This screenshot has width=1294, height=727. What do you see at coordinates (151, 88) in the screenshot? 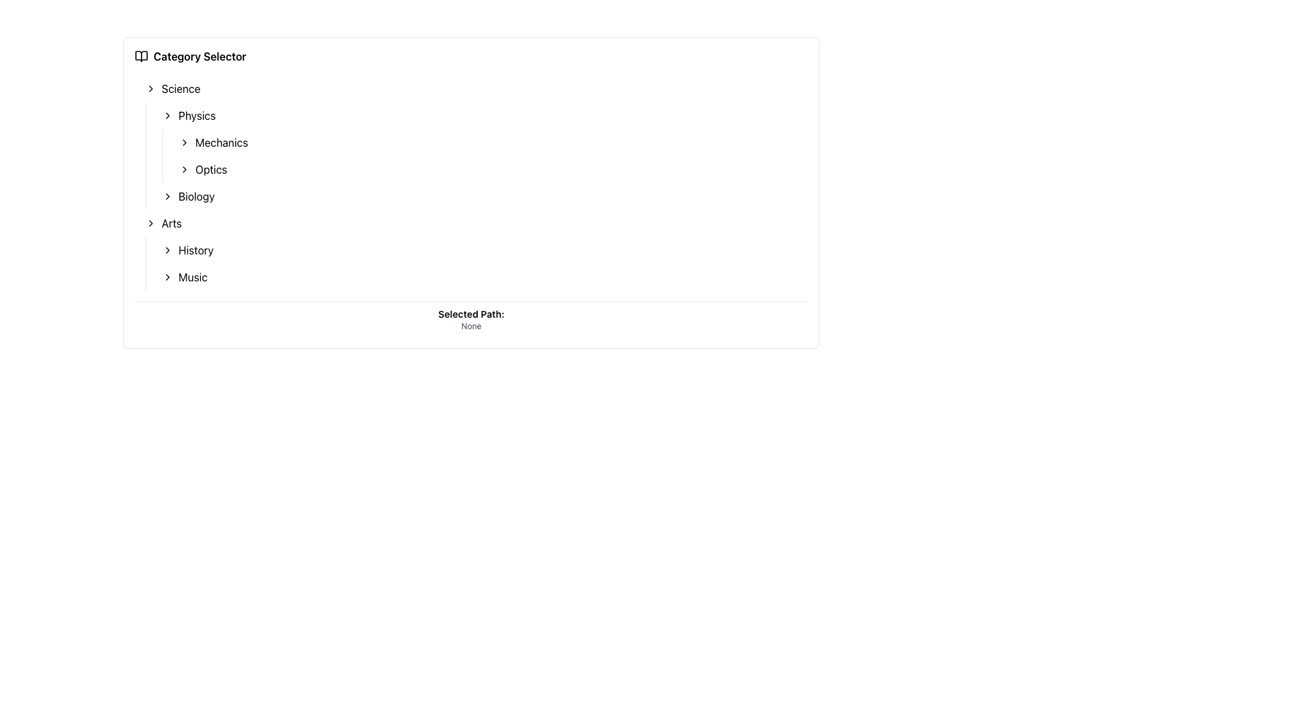
I see `the icon located beside the text 'Science'` at bounding box center [151, 88].